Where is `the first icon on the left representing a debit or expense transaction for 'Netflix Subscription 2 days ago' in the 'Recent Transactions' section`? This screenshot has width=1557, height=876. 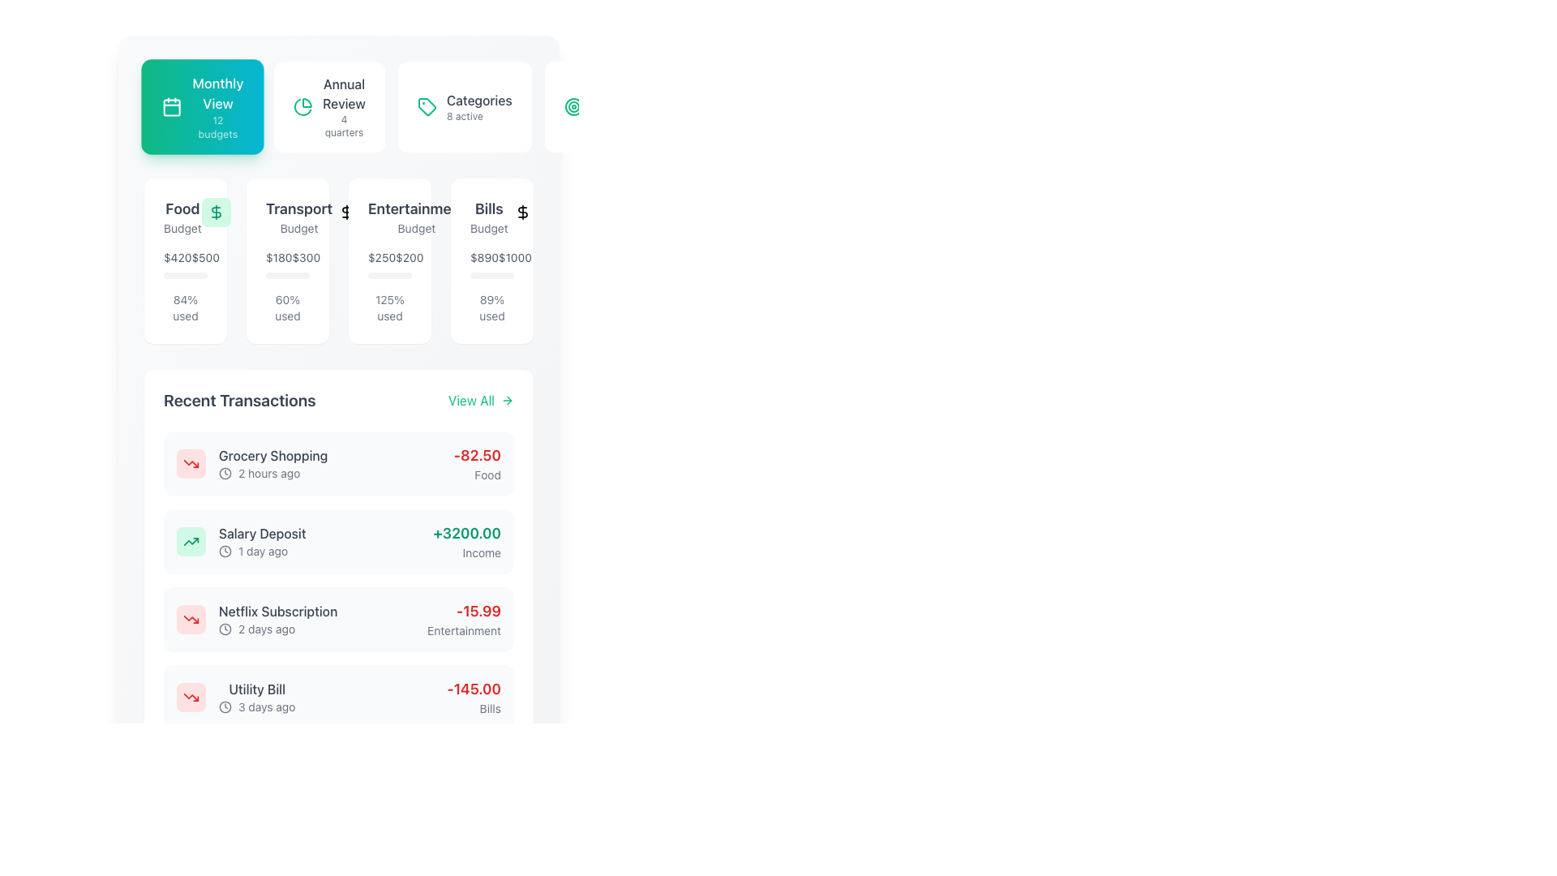 the first icon on the left representing a debit or expense transaction for 'Netflix Subscription 2 days ago' in the 'Recent Transactions' section is located at coordinates (191, 619).